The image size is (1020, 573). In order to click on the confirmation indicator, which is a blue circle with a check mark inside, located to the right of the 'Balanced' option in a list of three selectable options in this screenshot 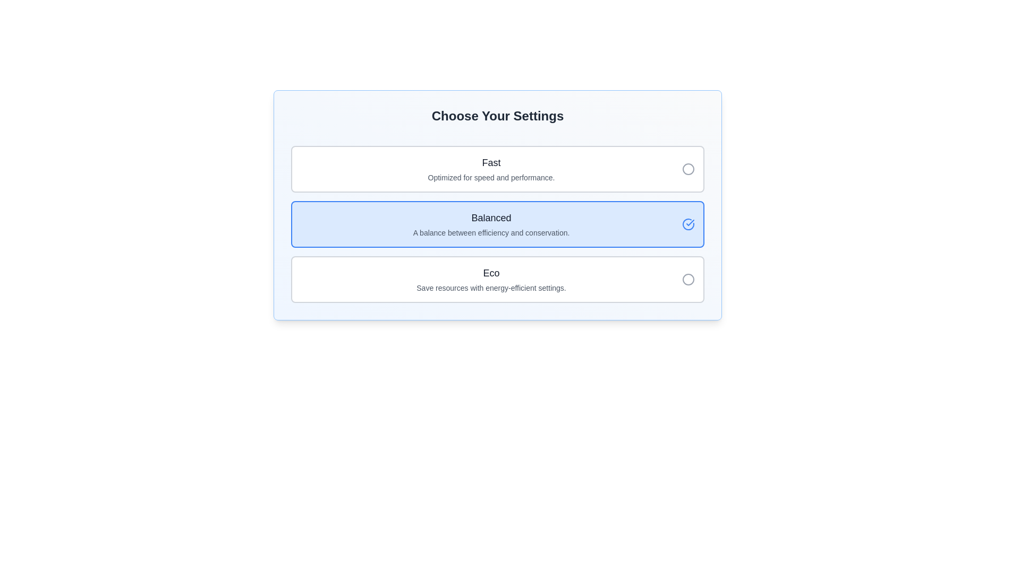, I will do `click(688, 224)`.